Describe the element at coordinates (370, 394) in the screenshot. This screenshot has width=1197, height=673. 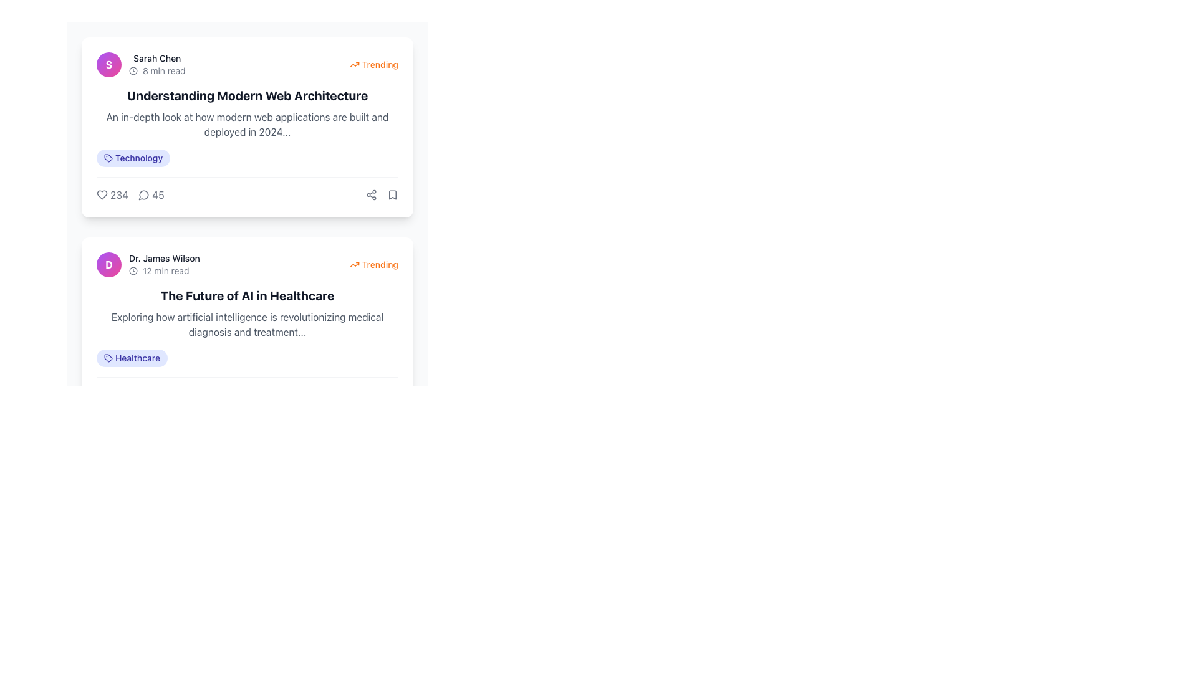
I see `the circular button with three dots, which turns green on hover` at that location.